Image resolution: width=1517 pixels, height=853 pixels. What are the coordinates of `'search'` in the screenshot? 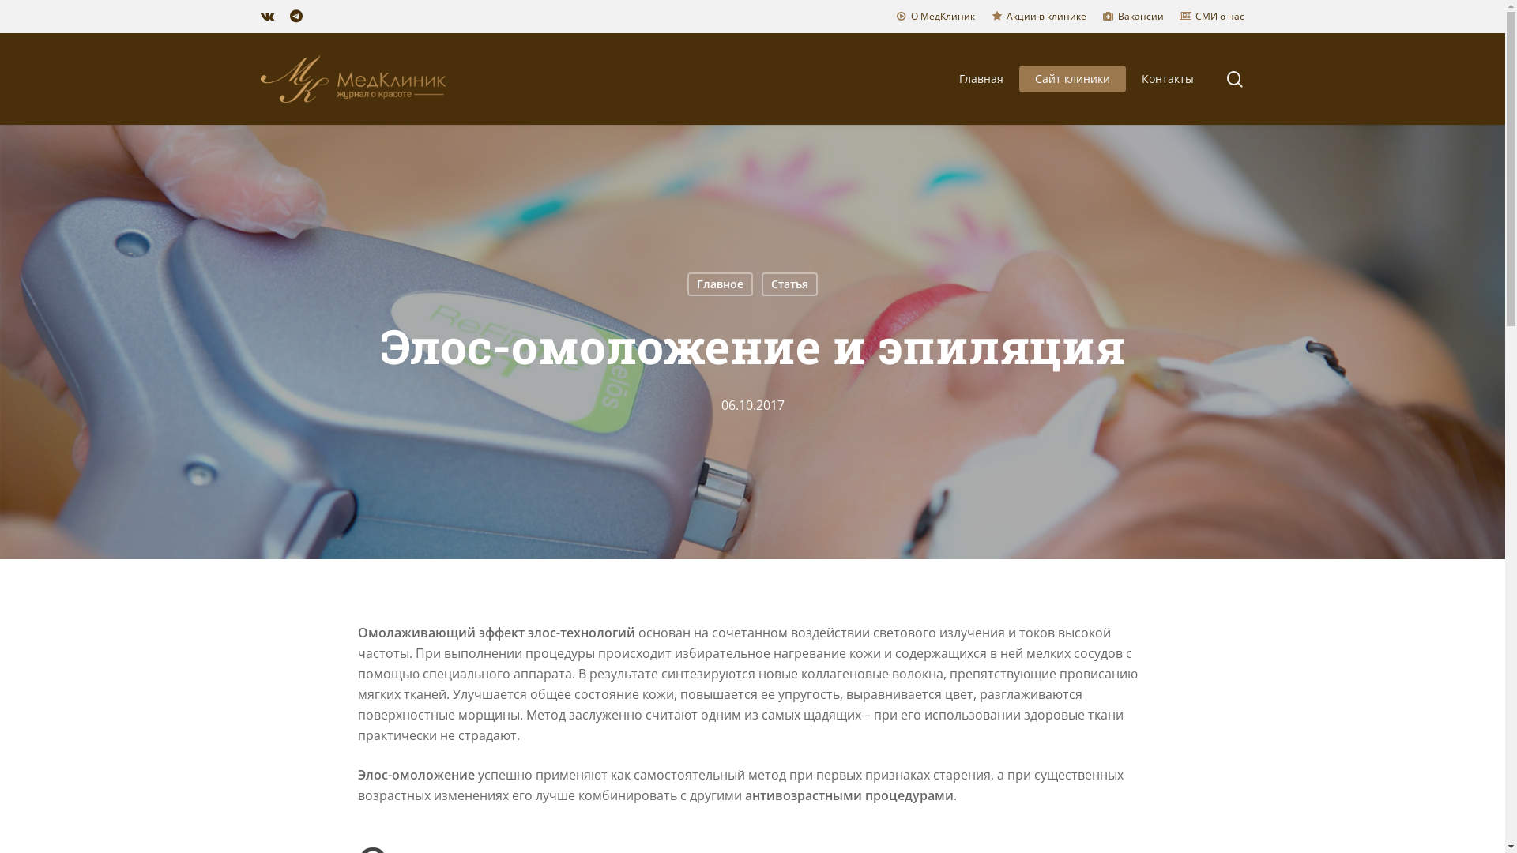 It's located at (1224, 79).